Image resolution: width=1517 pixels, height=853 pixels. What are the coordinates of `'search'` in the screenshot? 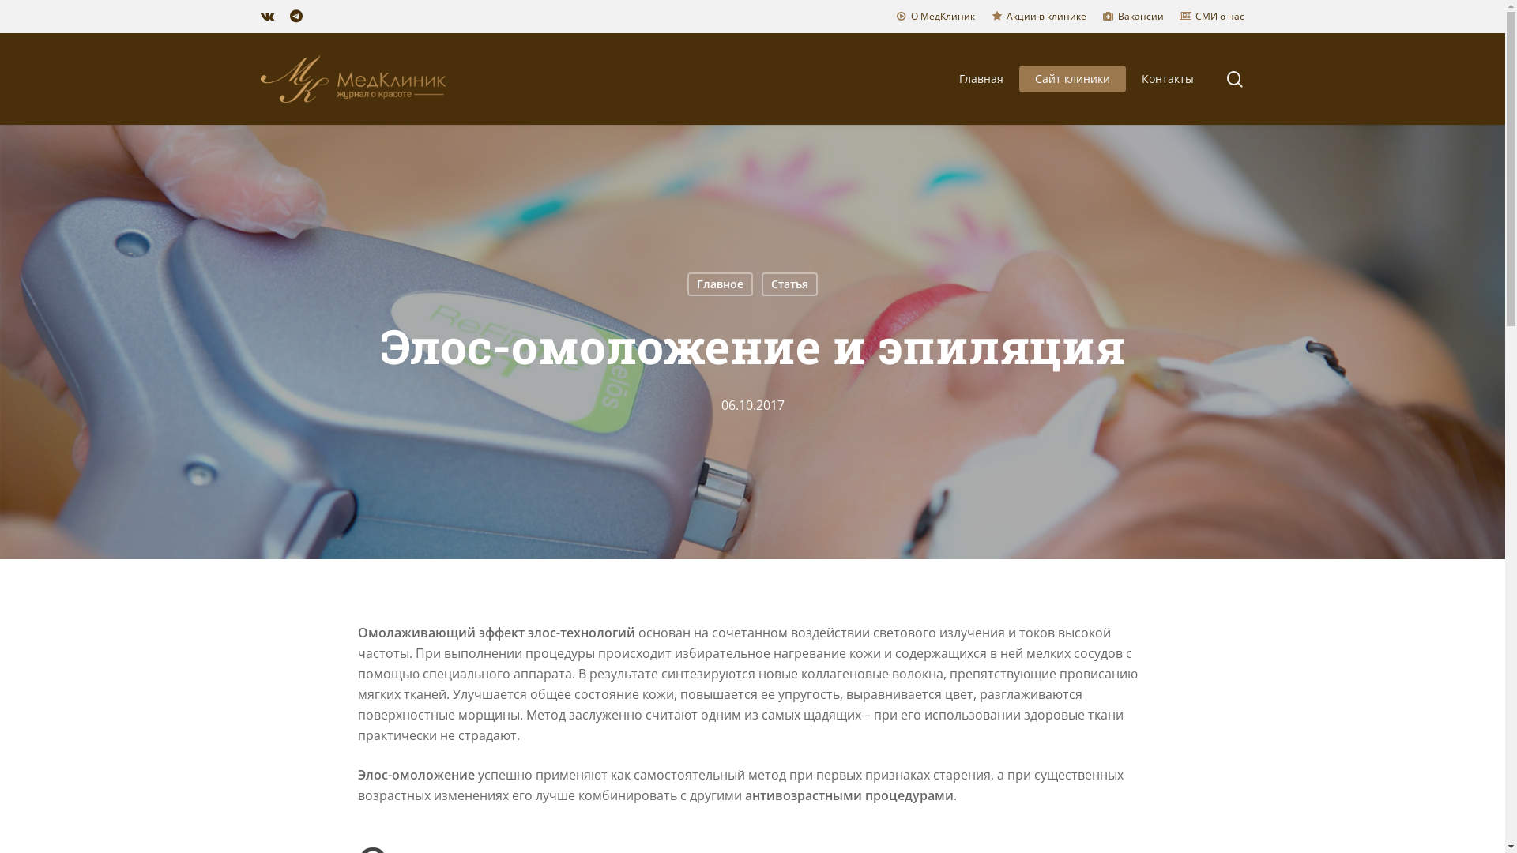 It's located at (1224, 79).